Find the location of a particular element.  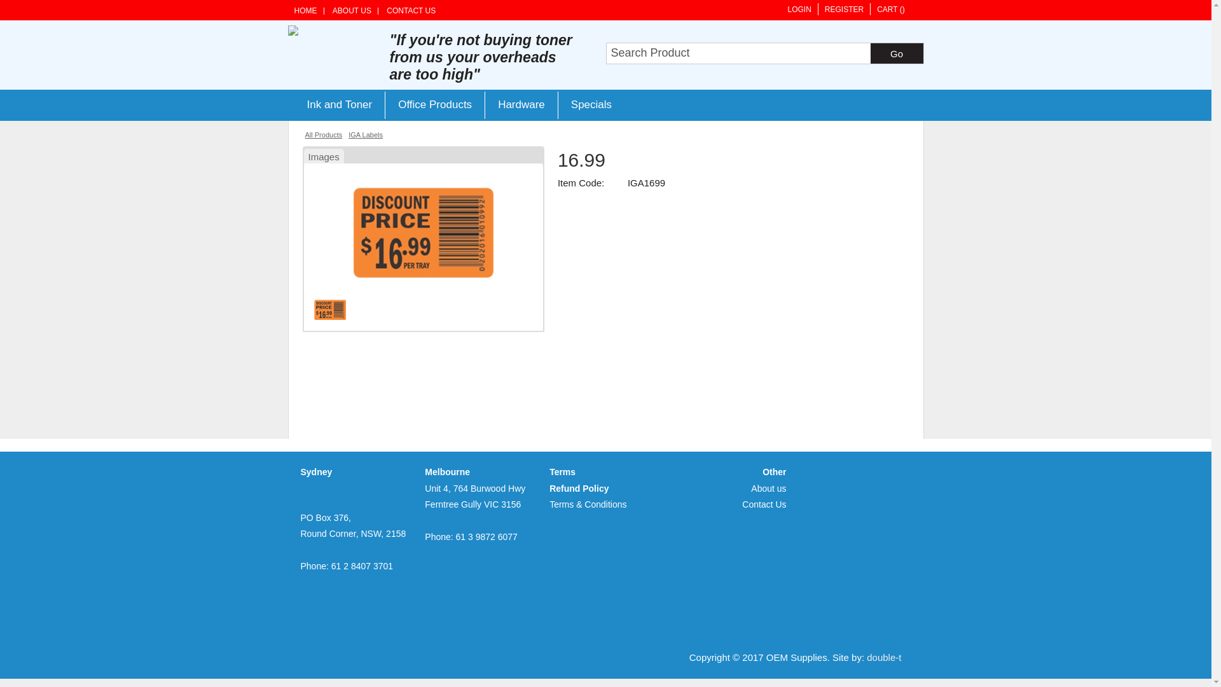

'All Products' is located at coordinates (324, 135).